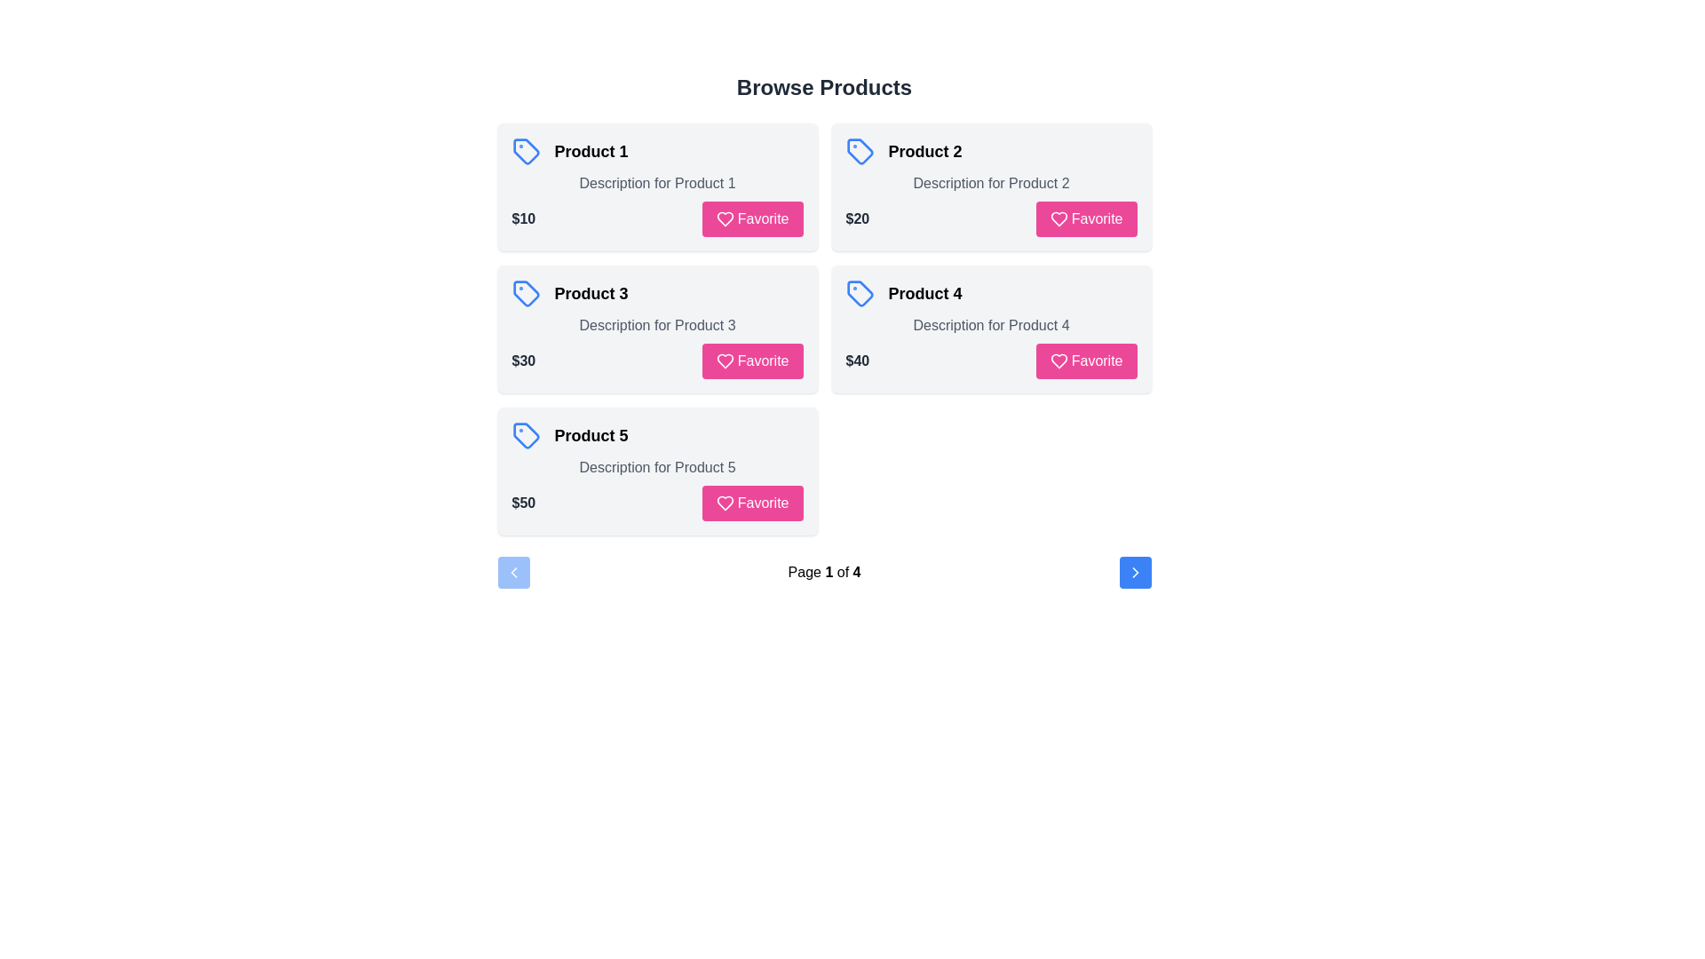  Describe the element at coordinates (725, 361) in the screenshot. I see `the heart icon within the 'Favorite' button for 'Product 3', which is located` at that location.